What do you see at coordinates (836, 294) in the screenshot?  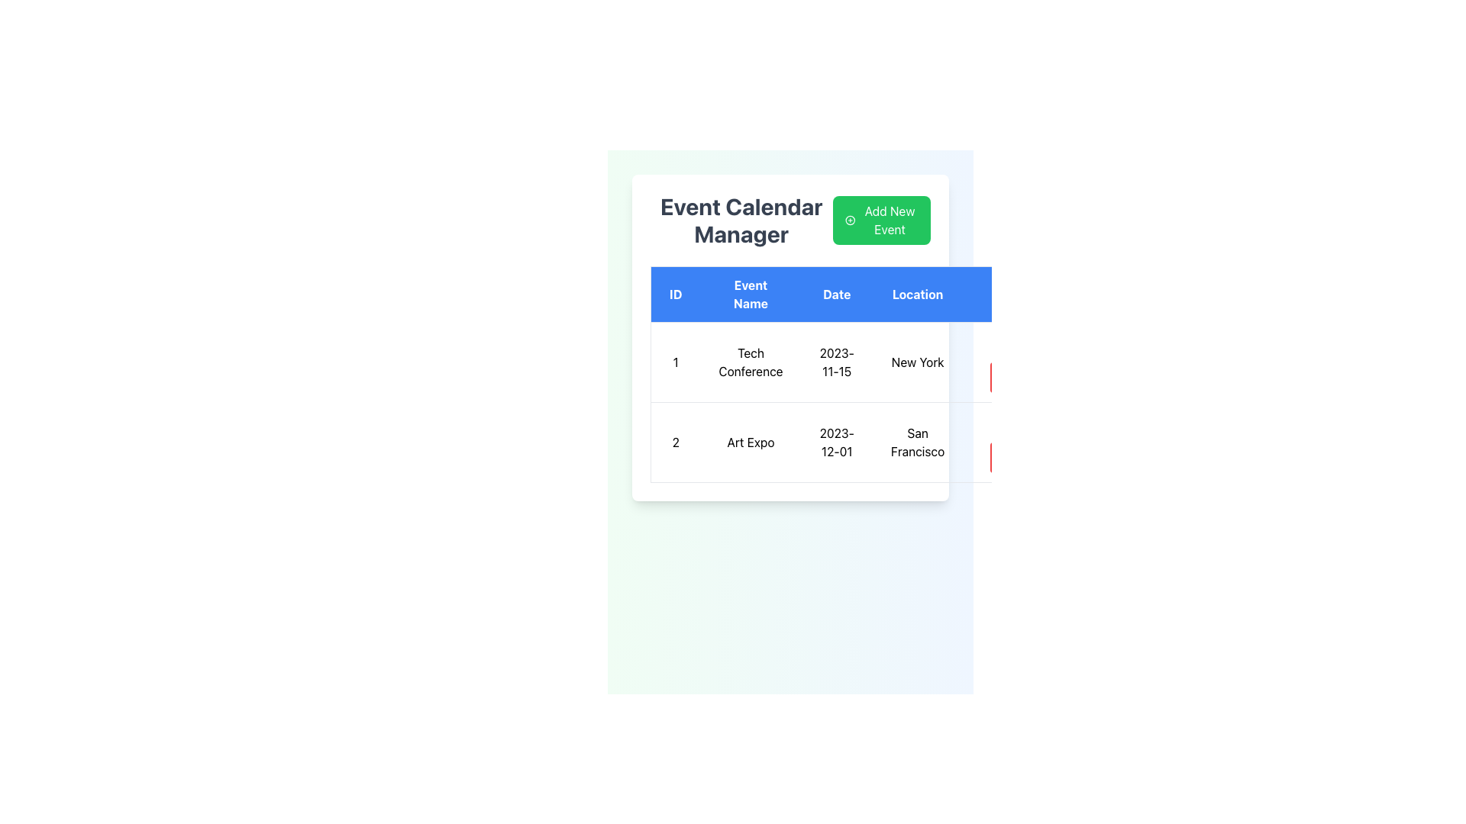 I see `Table Header Cell labeled 'Date', which is the third cell in the header row of the table, displaying the text in bold white font centered within a blue rectangular cell` at bounding box center [836, 294].